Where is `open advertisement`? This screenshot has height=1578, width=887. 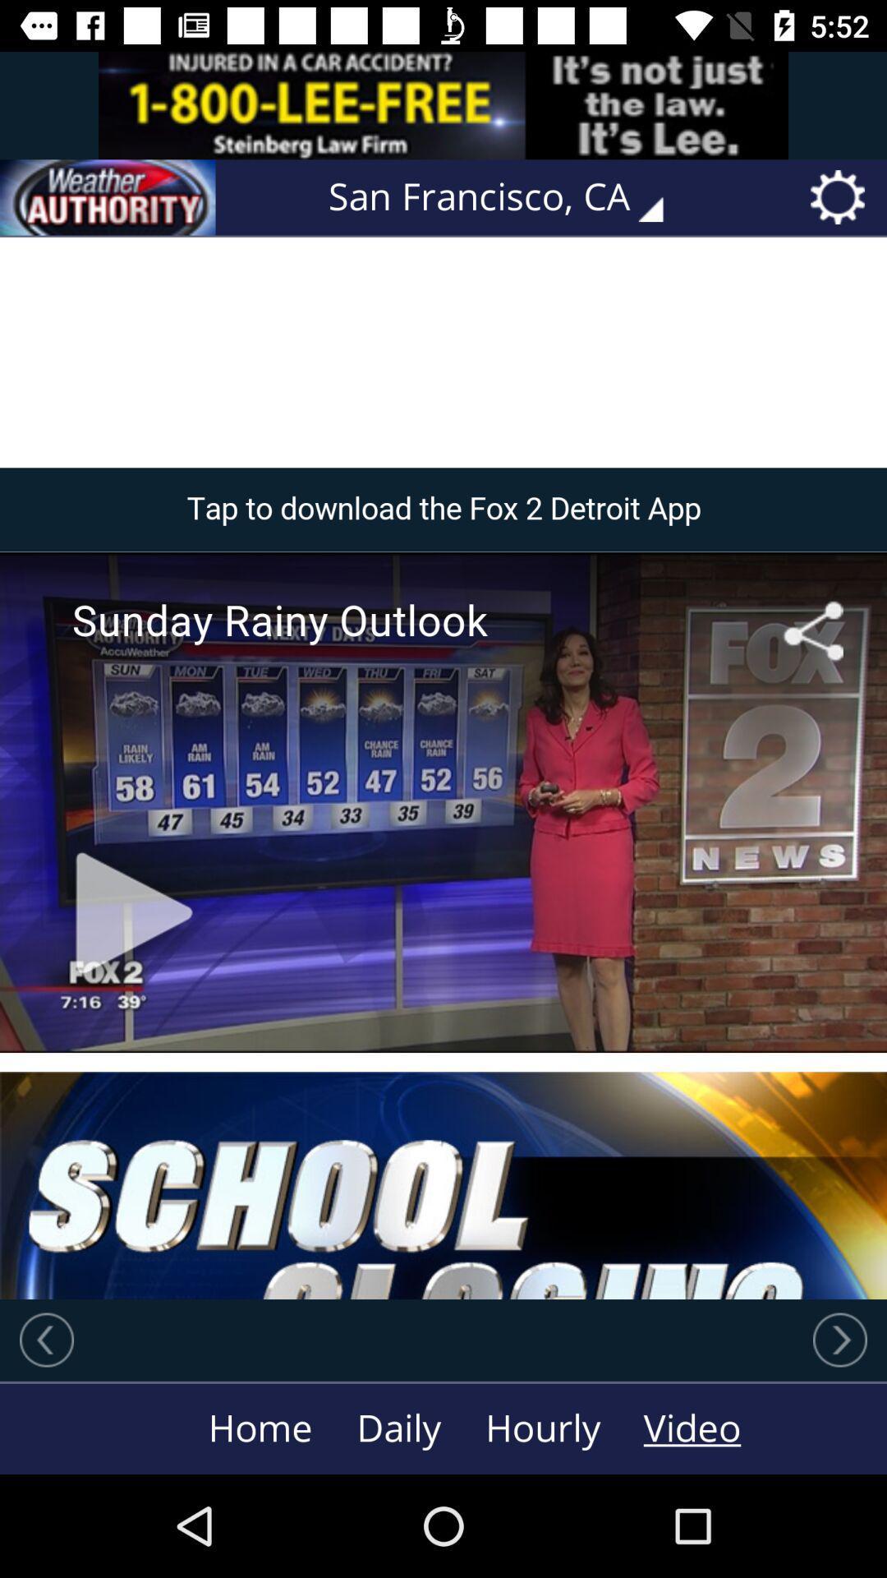
open advertisement is located at coordinates (443, 104).